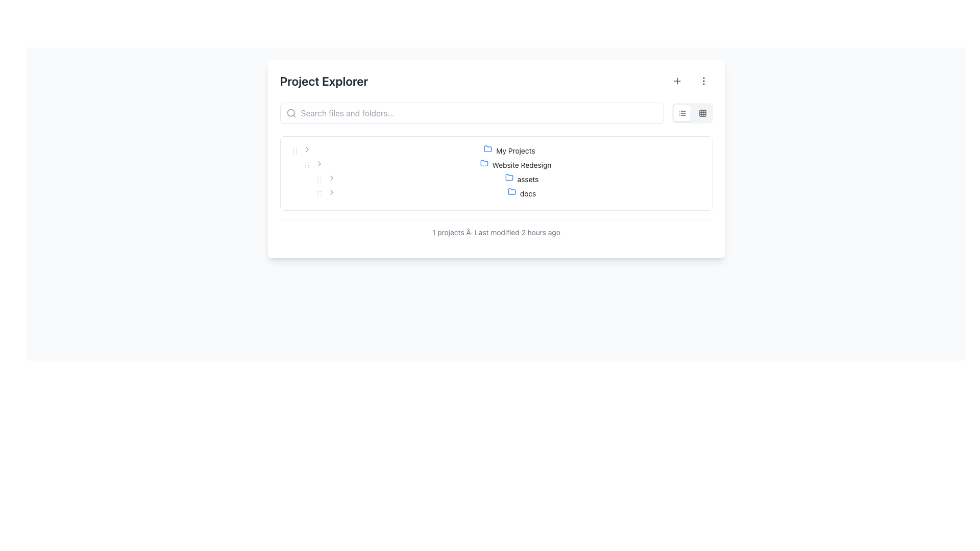  I want to click on the Icon Button with a vertical ellipsis icon located in the top-right corner of the 'Project Explorer' card, so click(703, 80).